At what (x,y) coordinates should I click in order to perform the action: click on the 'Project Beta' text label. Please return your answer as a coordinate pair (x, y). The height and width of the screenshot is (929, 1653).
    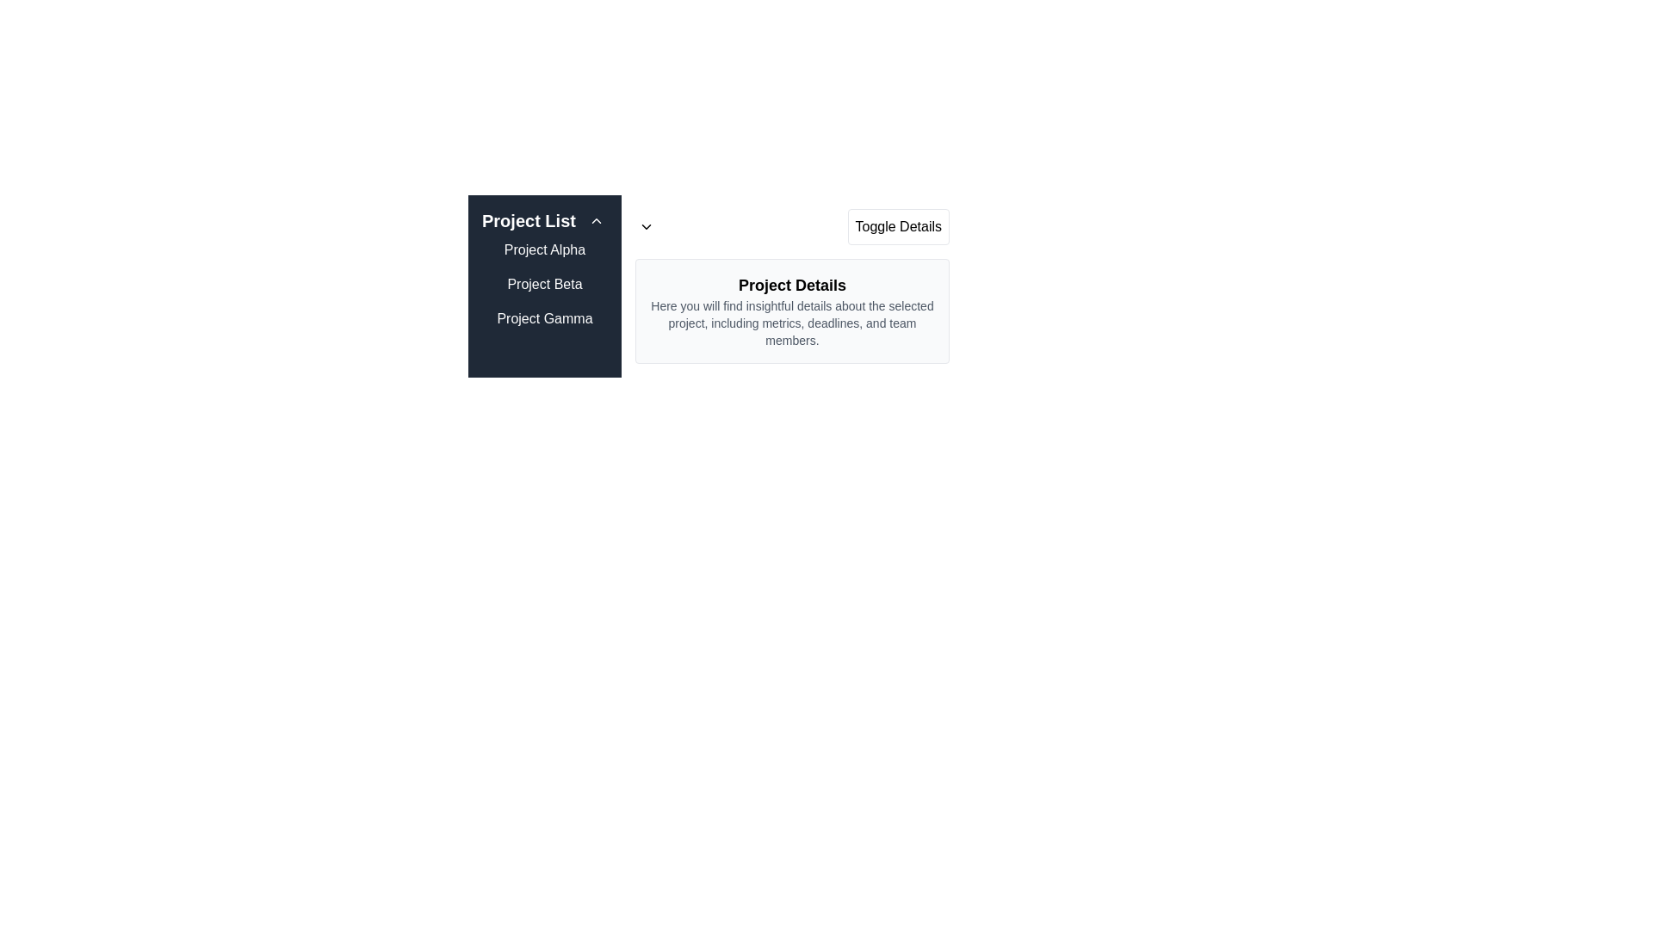
    Looking at the image, I should click on (544, 284).